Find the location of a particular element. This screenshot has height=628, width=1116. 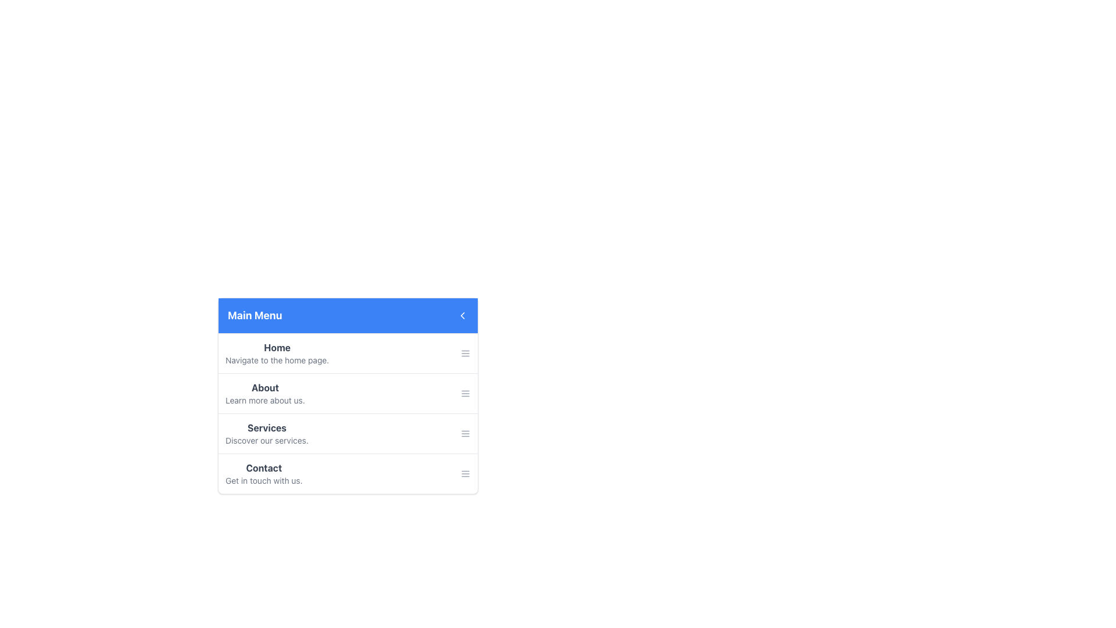

the 'About' menu item, which is the second option in the vertical menu is located at coordinates (348, 392).